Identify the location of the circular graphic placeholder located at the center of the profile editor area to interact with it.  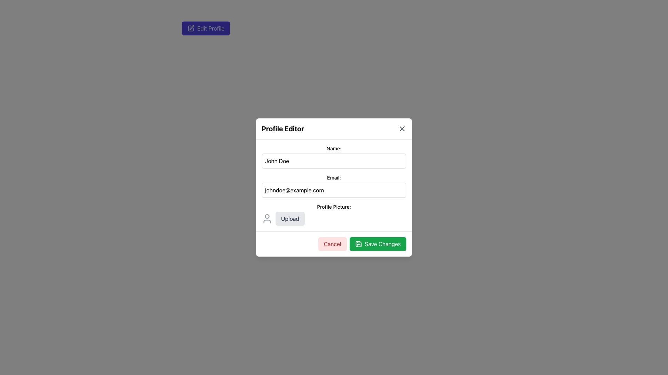
(267, 216).